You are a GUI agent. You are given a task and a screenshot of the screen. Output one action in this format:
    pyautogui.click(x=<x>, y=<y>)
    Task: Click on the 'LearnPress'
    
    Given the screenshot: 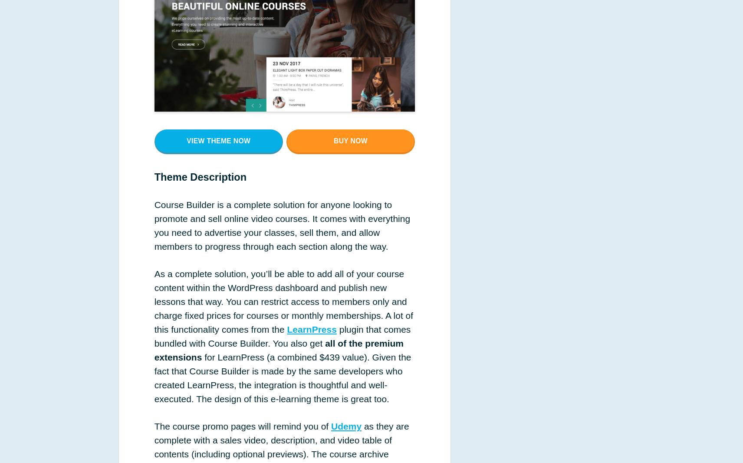 What is the action you would take?
    pyautogui.click(x=312, y=328)
    